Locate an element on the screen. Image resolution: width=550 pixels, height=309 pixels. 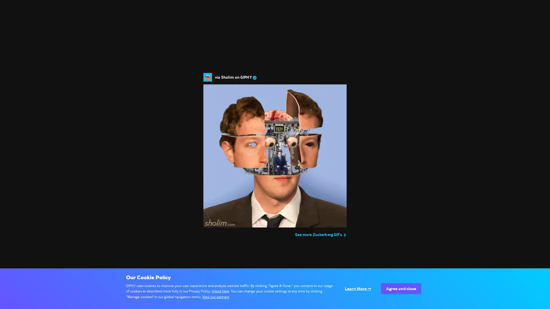
Configure your consents is located at coordinates (357, 289).